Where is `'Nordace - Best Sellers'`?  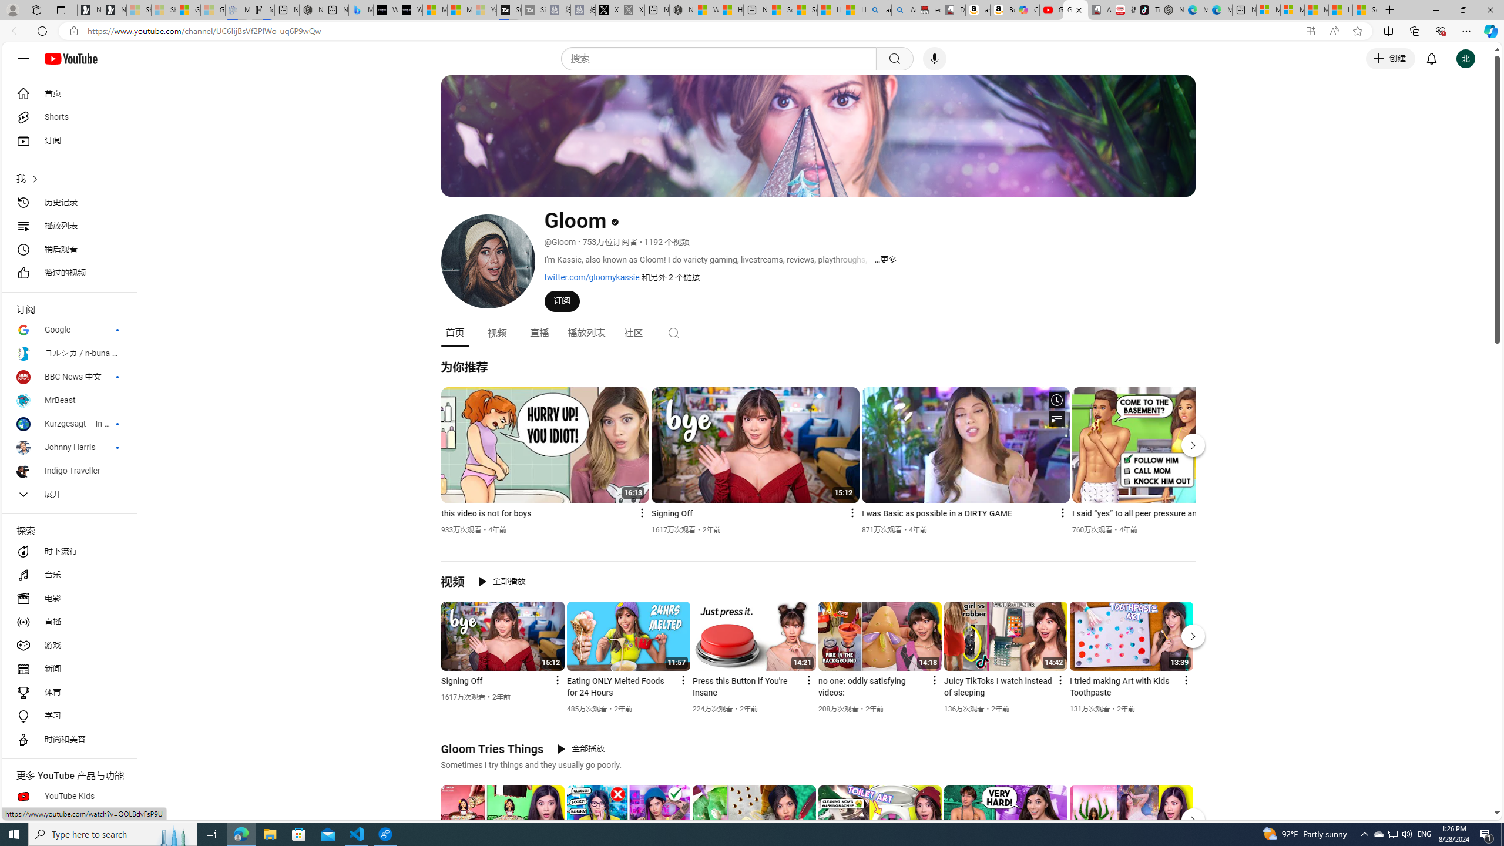
'Nordace - Best Sellers' is located at coordinates (1171, 9).